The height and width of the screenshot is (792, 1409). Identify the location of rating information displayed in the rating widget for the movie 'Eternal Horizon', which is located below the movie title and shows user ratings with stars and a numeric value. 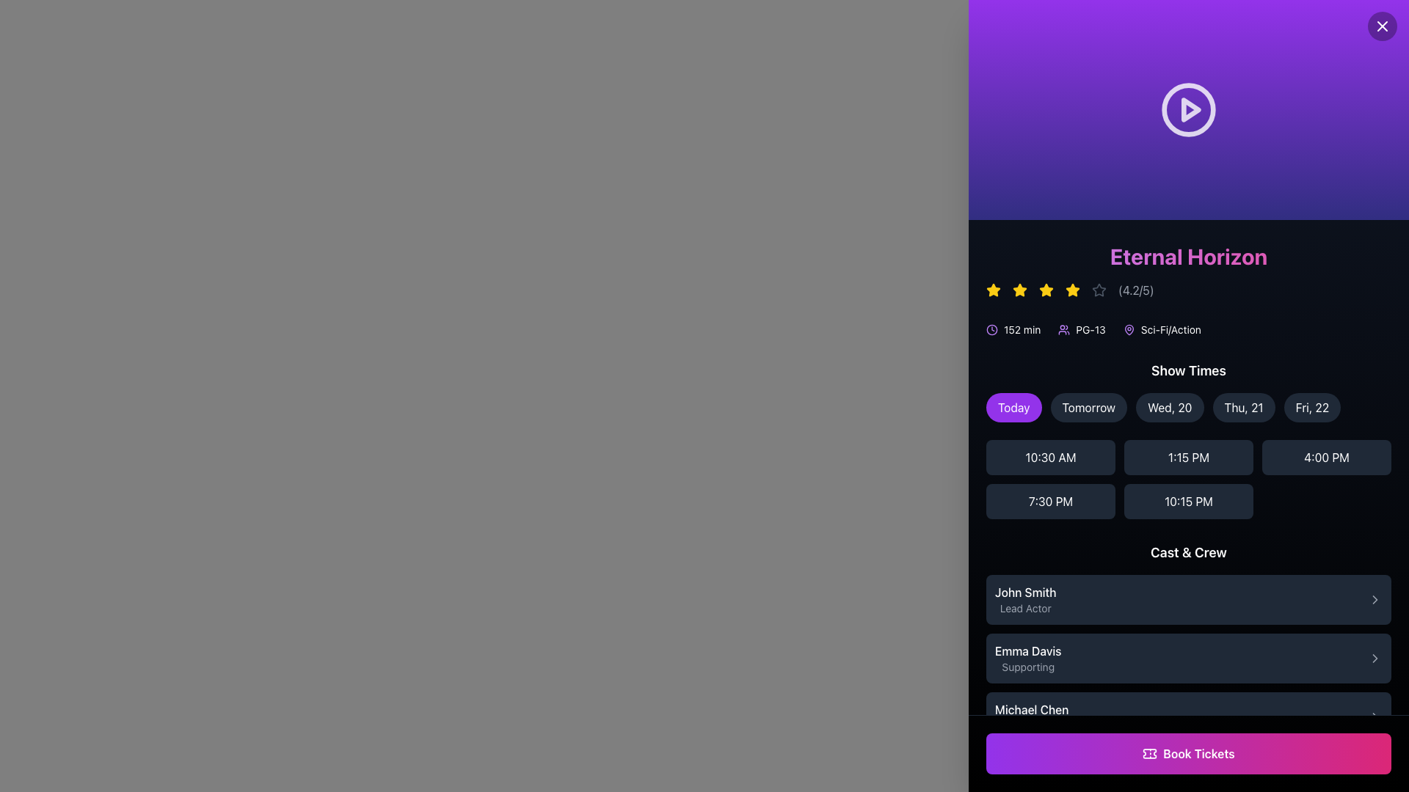
(1189, 290).